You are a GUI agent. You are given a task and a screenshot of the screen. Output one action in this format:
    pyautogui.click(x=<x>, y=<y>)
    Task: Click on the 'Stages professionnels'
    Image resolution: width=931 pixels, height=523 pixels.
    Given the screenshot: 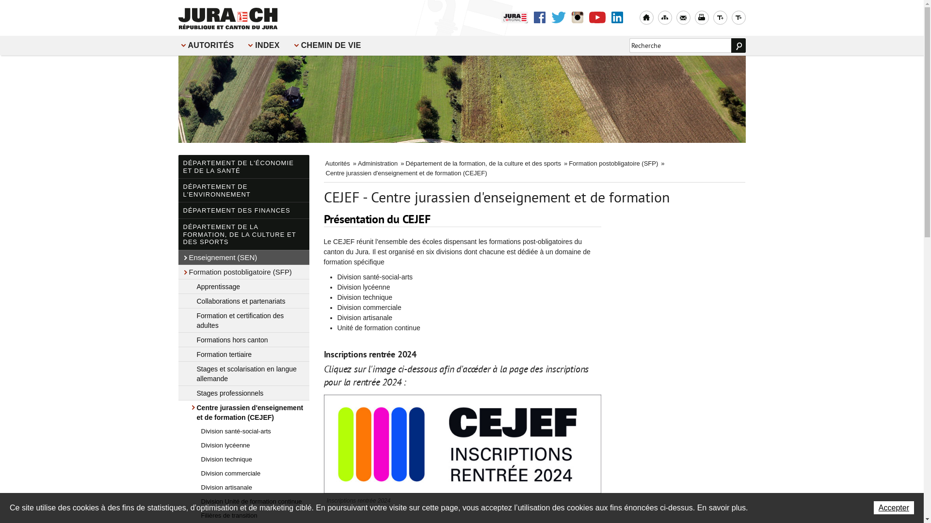 What is the action you would take?
    pyautogui.click(x=244, y=393)
    